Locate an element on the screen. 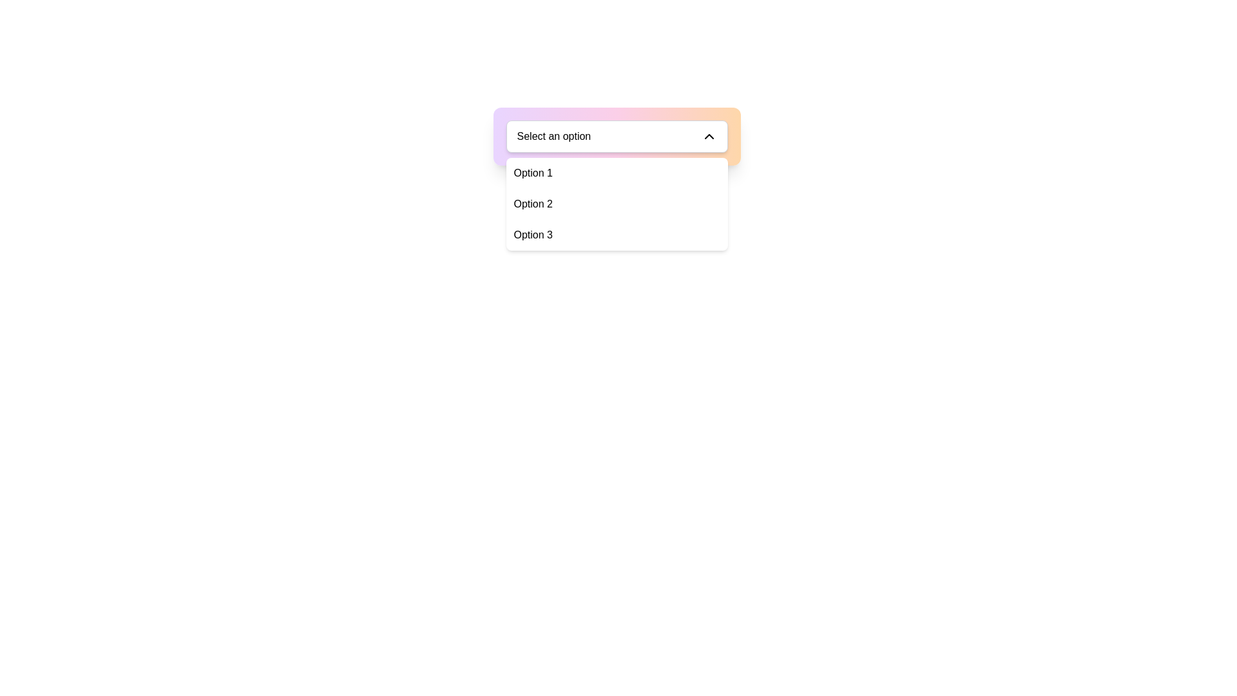 The width and height of the screenshot is (1237, 696). the selectable list item representing 'Option 3' in the dropdown menu is located at coordinates (533, 235).